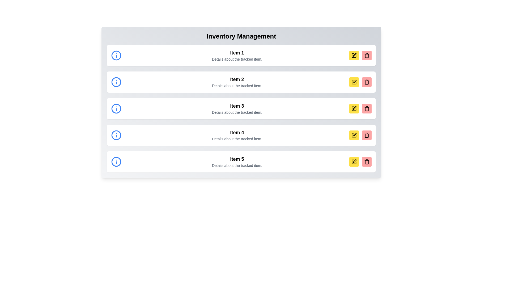 The image size is (510, 287). What do you see at coordinates (116, 55) in the screenshot?
I see `the Information Icon located on the left side of the first row labeled 'Item 1'` at bounding box center [116, 55].